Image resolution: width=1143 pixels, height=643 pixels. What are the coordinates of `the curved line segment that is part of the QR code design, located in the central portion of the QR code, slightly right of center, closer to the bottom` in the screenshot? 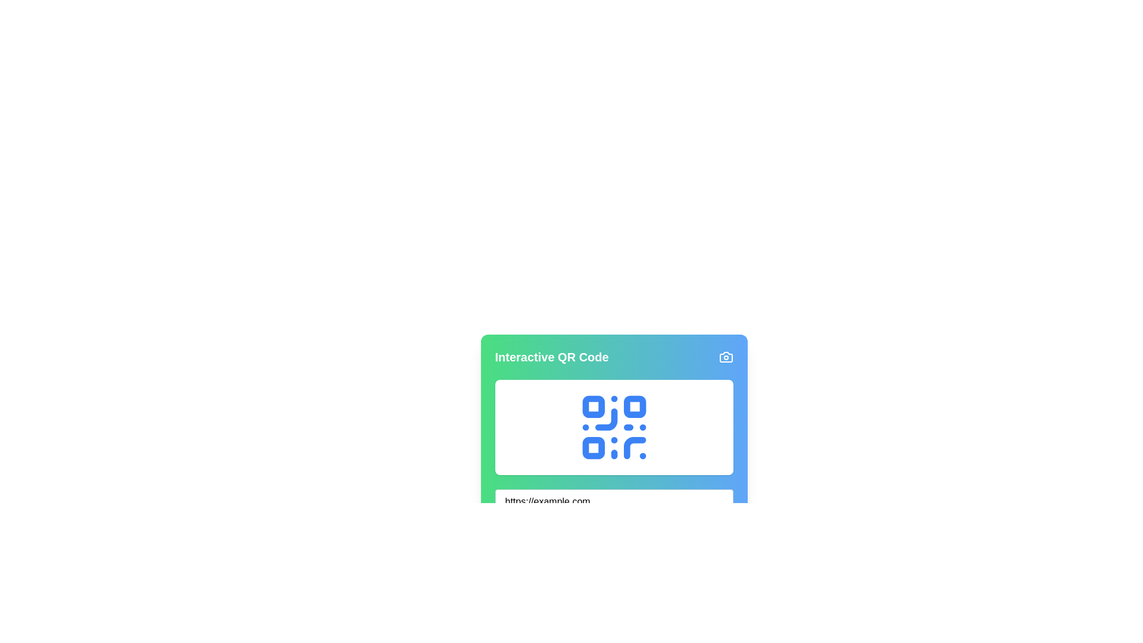 It's located at (606, 419).